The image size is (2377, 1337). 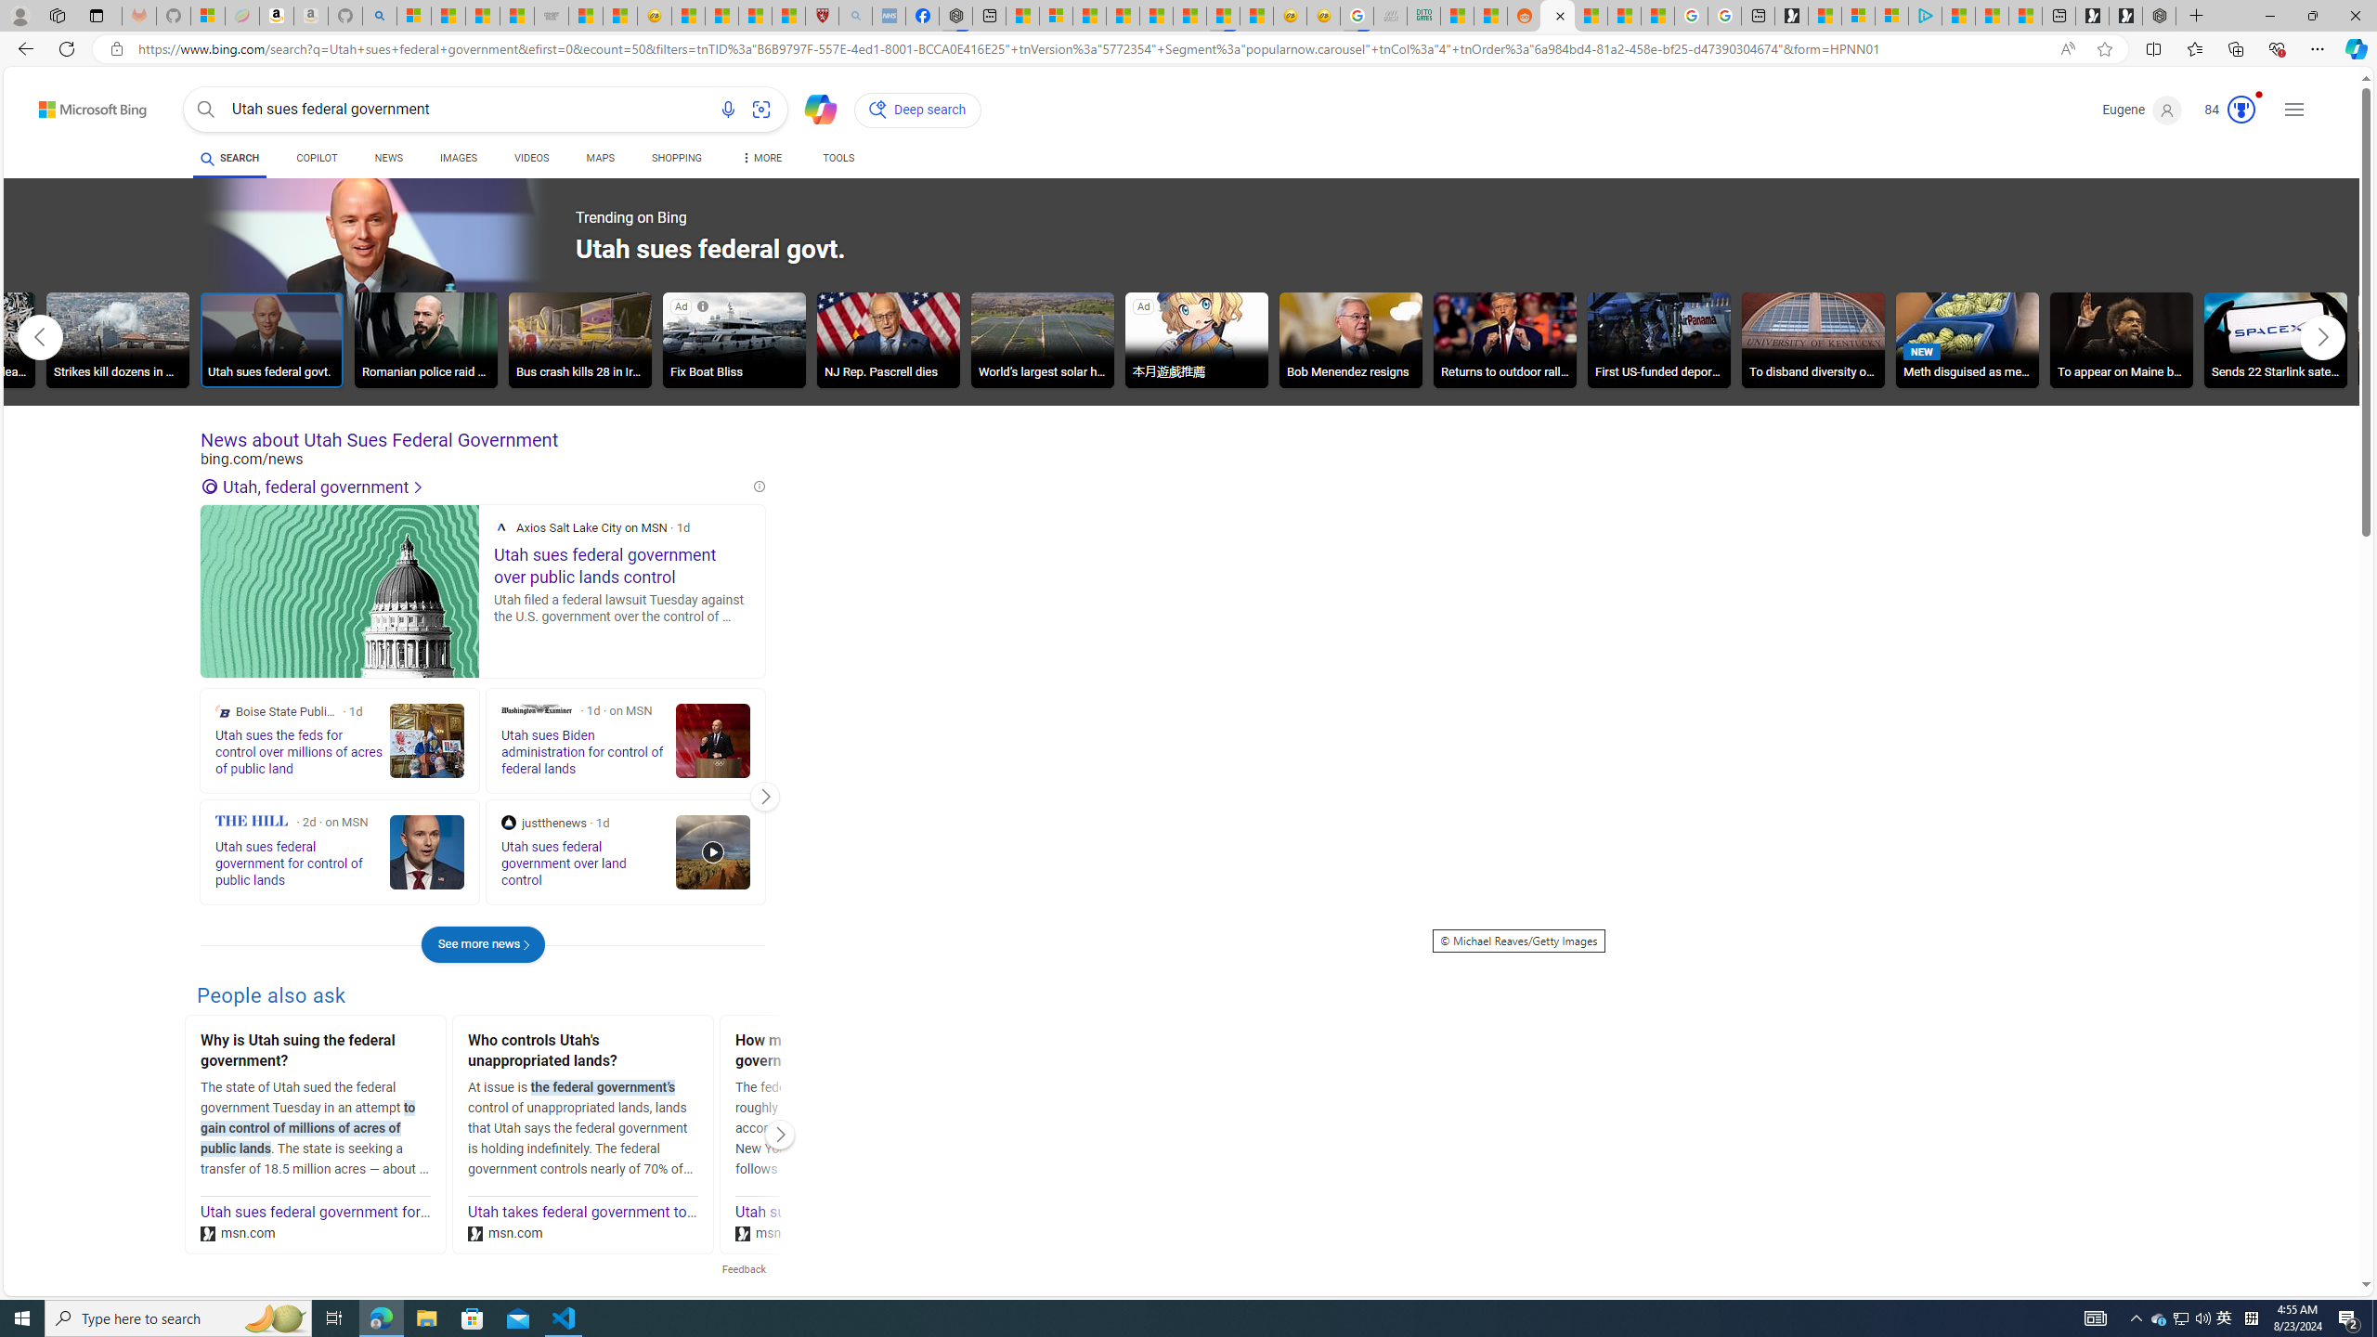 What do you see at coordinates (387, 160) in the screenshot?
I see `'NEWS'` at bounding box center [387, 160].